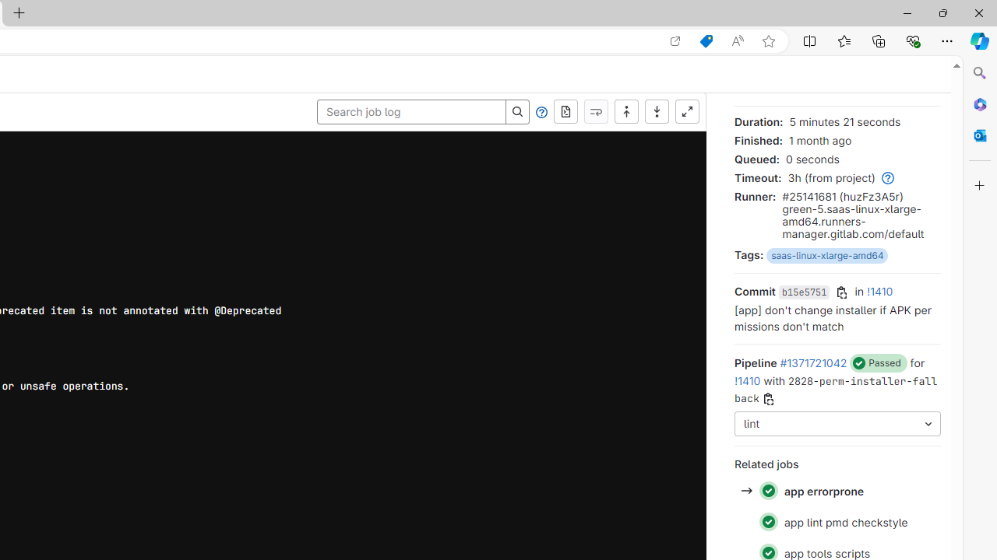 This screenshot has width=997, height=560. I want to click on 'b15e5751', so click(804, 292).